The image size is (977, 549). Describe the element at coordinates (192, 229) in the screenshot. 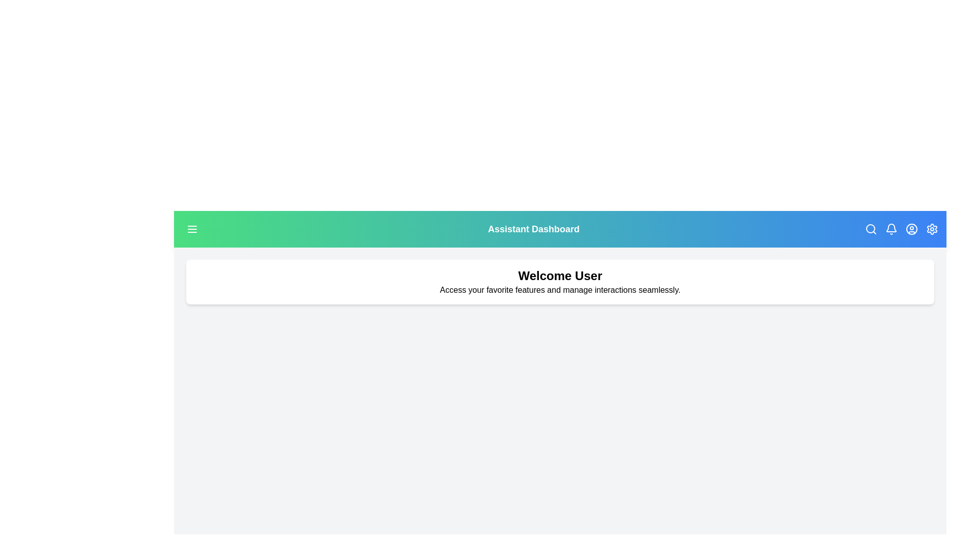

I see `the menu button in the top-left corner to open the menu` at that location.